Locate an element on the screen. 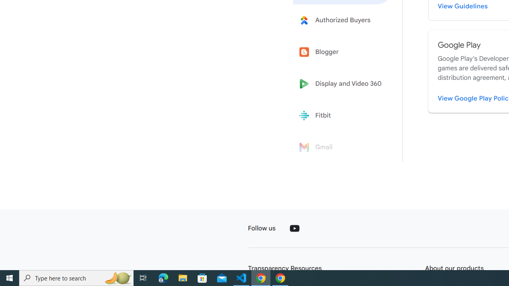  'Display and Video 360' is located at coordinates (343, 84).